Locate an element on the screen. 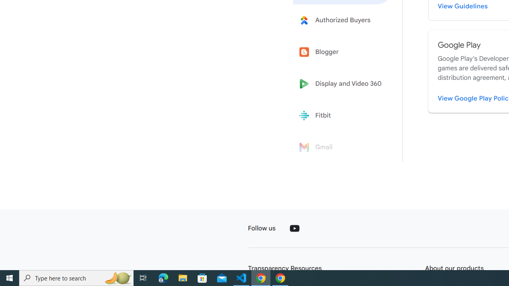  'Display and Video 360' is located at coordinates (343, 84).